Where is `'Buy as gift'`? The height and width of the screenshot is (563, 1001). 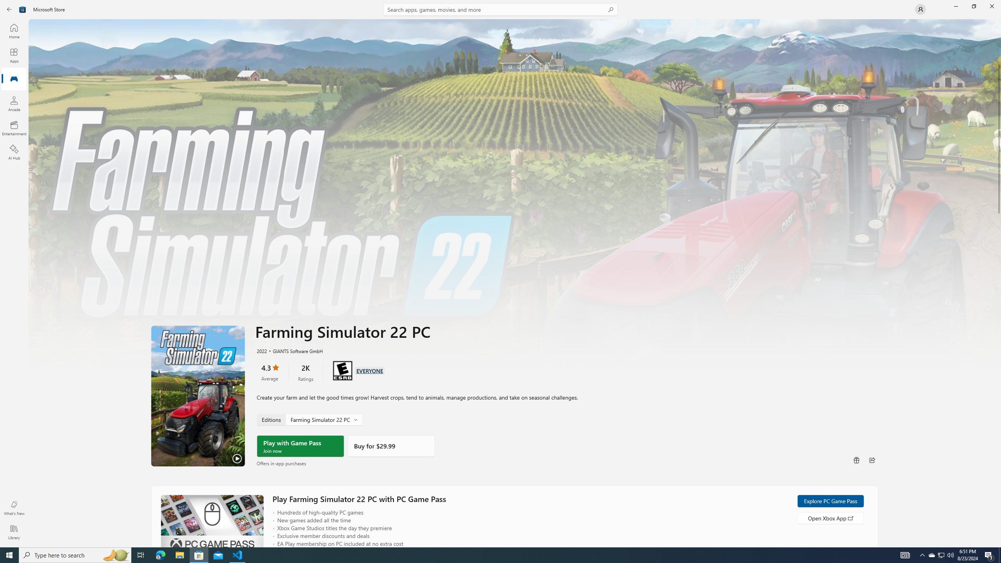 'Buy as gift' is located at coordinates (856, 459).